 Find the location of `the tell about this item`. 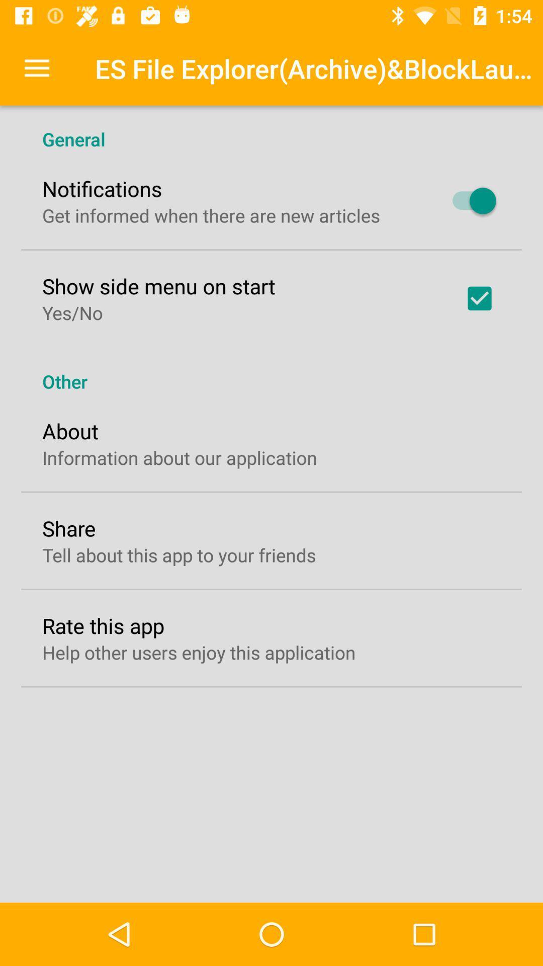

the tell about this item is located at coordinates (178, 554).